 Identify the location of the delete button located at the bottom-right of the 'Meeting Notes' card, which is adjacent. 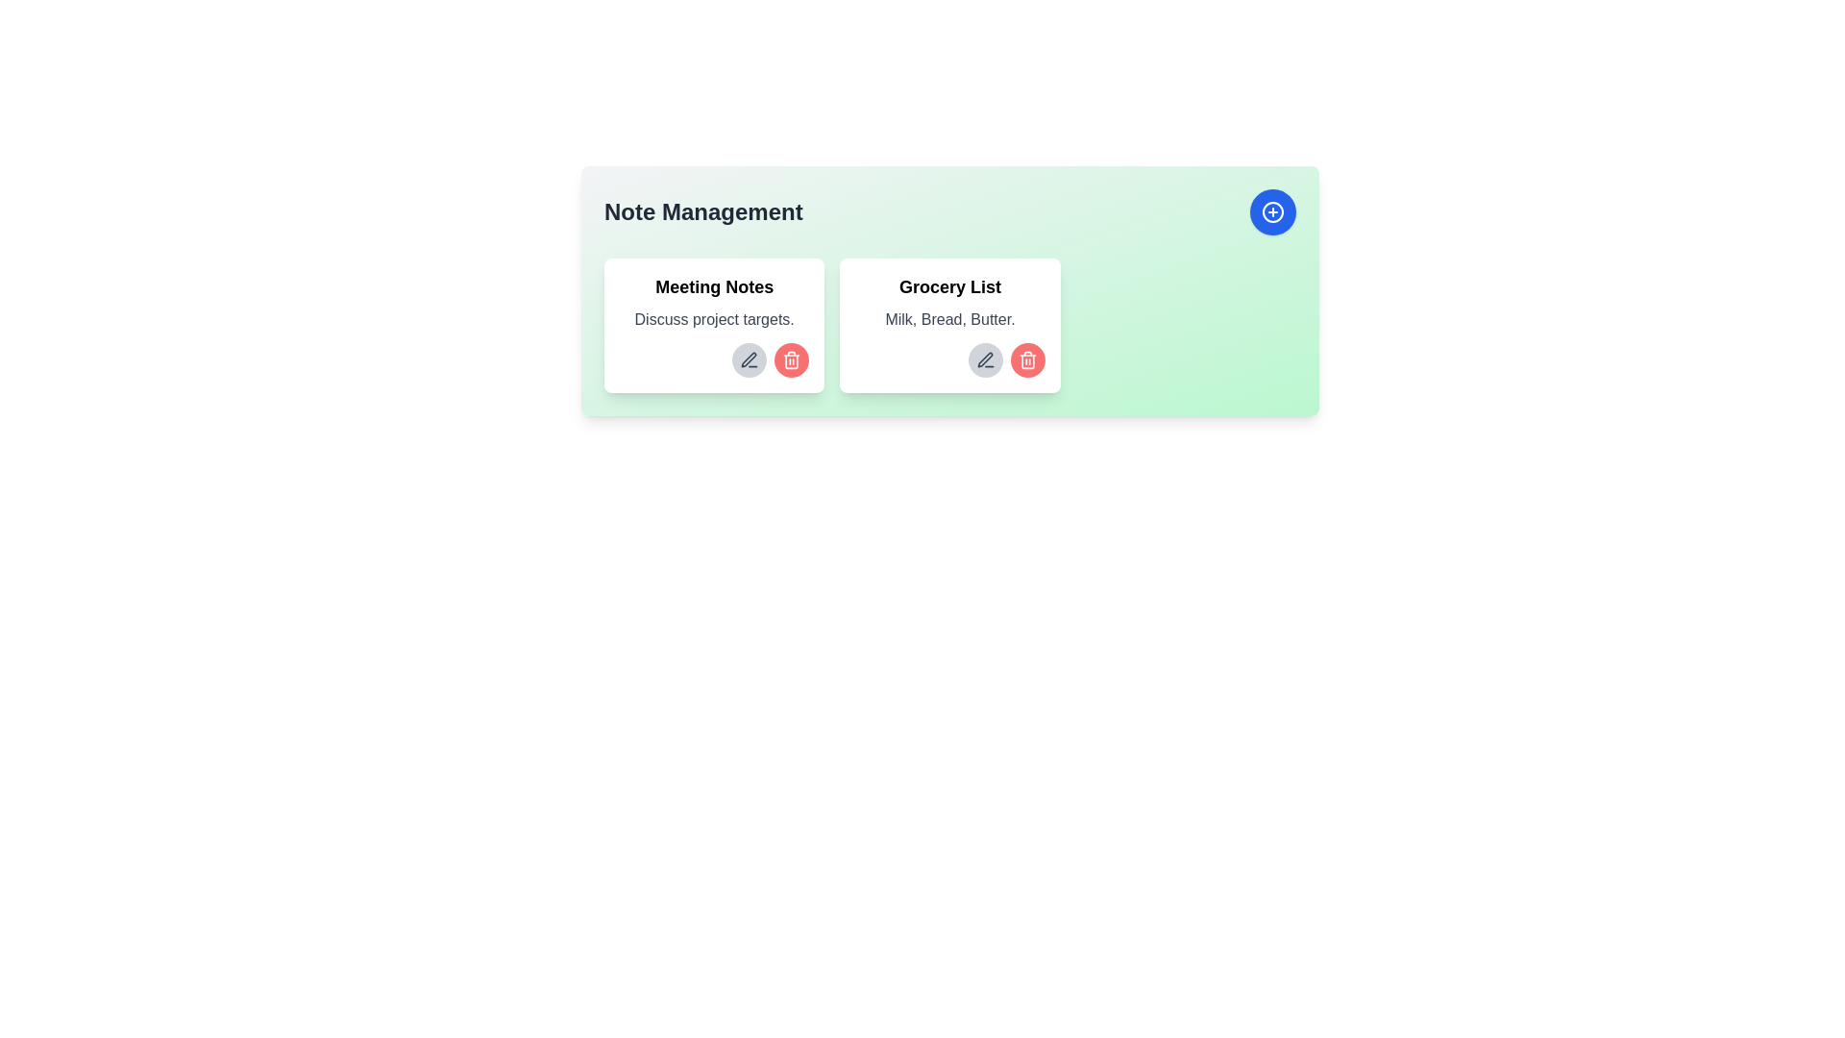
(792, 359).